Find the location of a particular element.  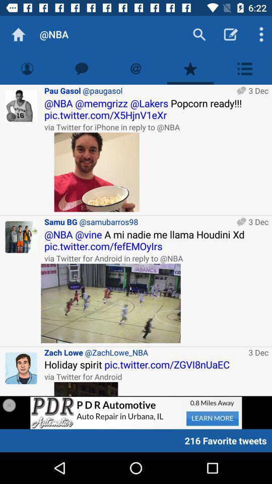

samu bg 's profile picture is located at coordinates (21, 237).